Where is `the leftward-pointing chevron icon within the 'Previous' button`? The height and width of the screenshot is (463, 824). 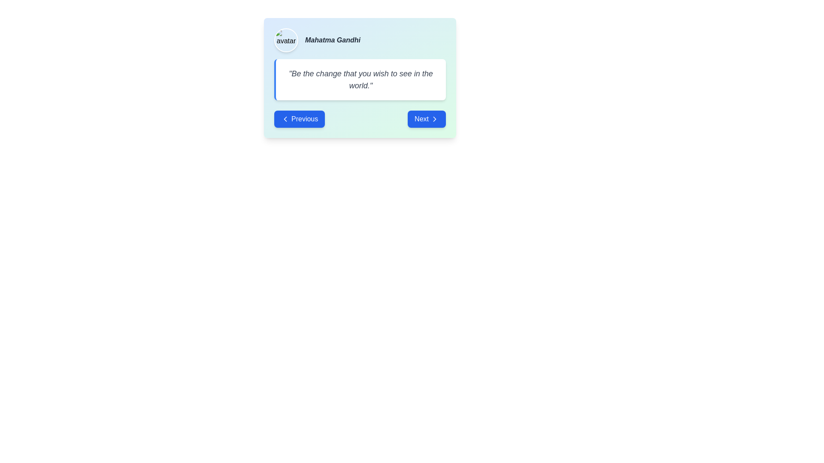 the leftward-pointing chevron icon within the 'Previous' button is located at coordinates (285, 119).